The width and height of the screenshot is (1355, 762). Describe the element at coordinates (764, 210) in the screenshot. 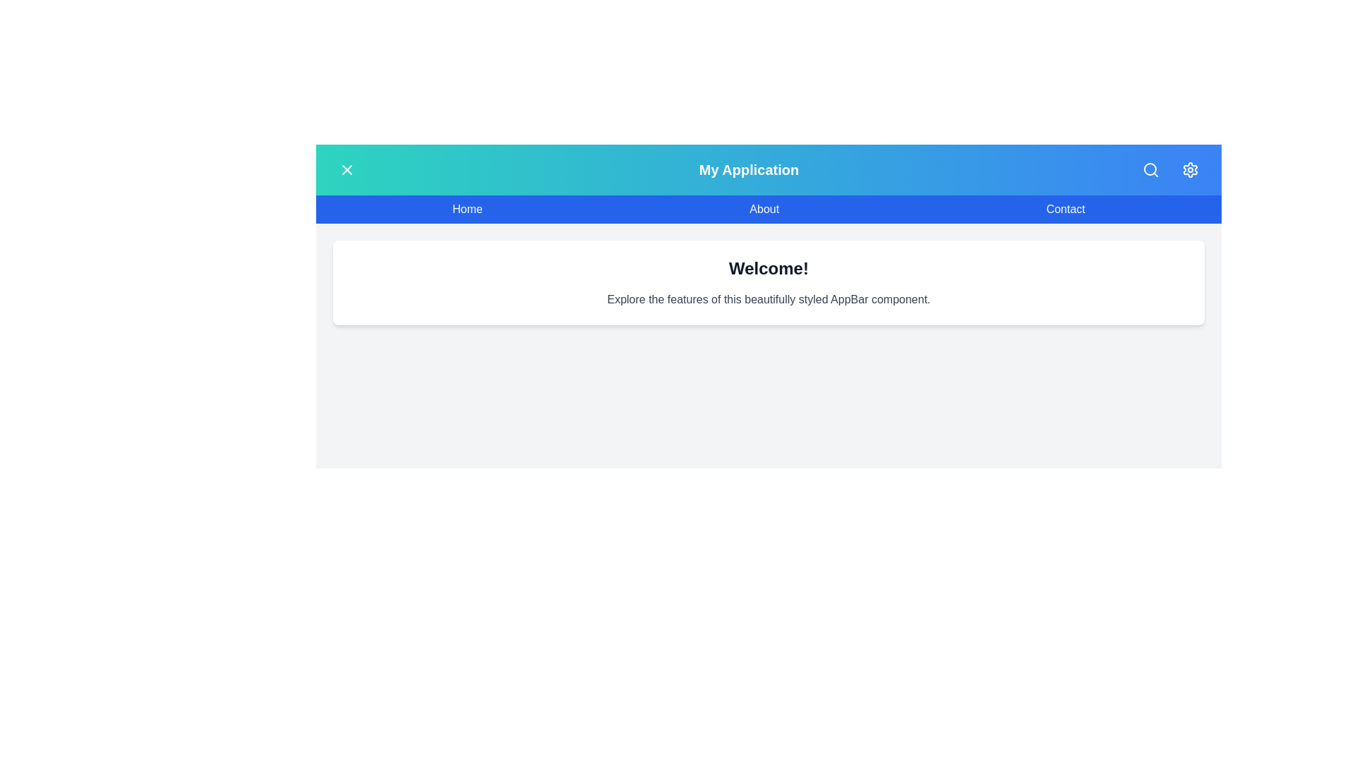

I see `the About navigation link` at that location.